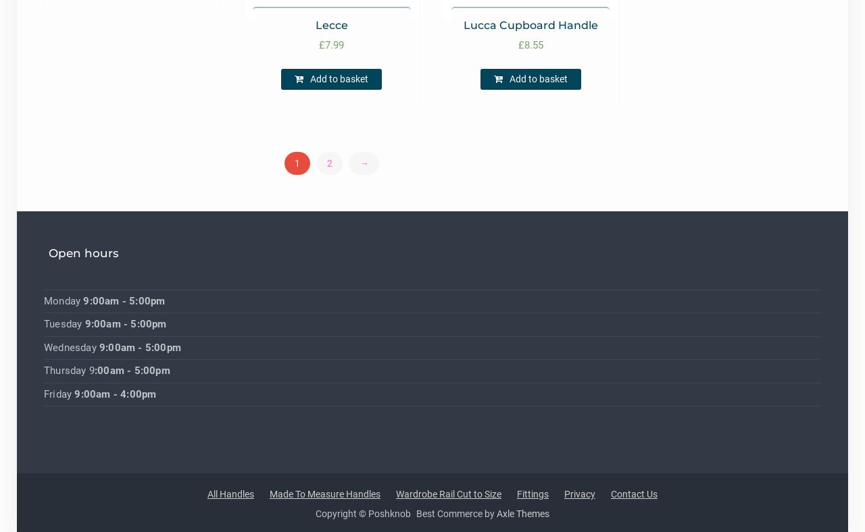  What do you see at coordinates (58, 393) in the screenshot?
I see `'Friday'` at bounding box center [58, 393].